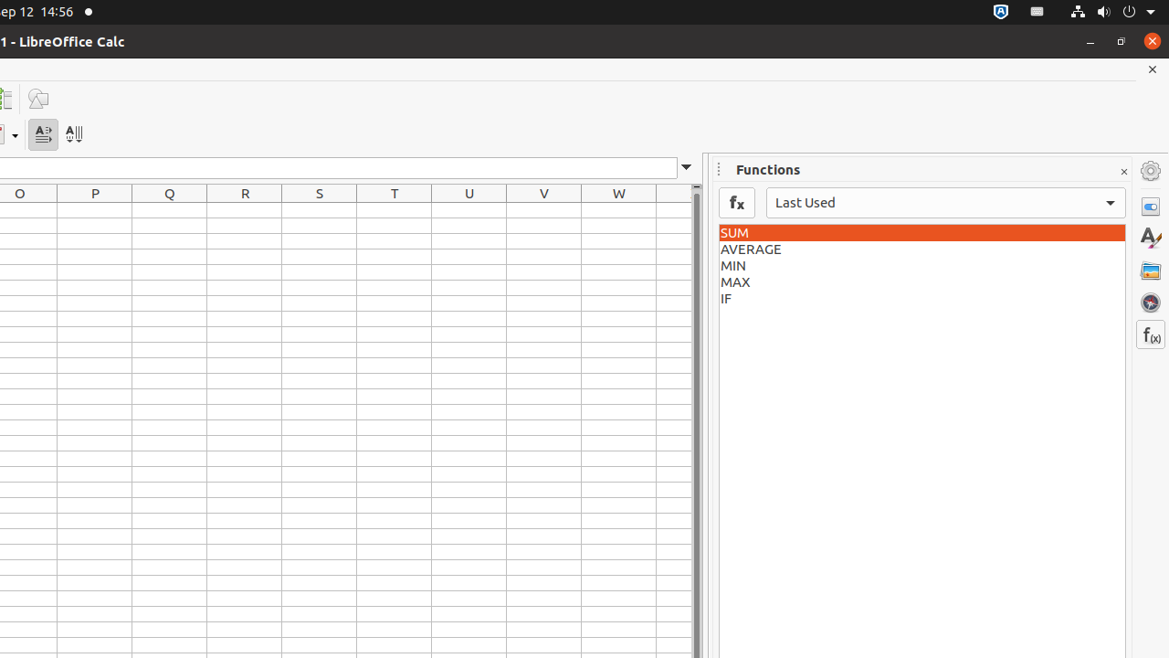  Describe the element at coordinates (94, 209) in the screenshot. I see `'P1'` at that location.